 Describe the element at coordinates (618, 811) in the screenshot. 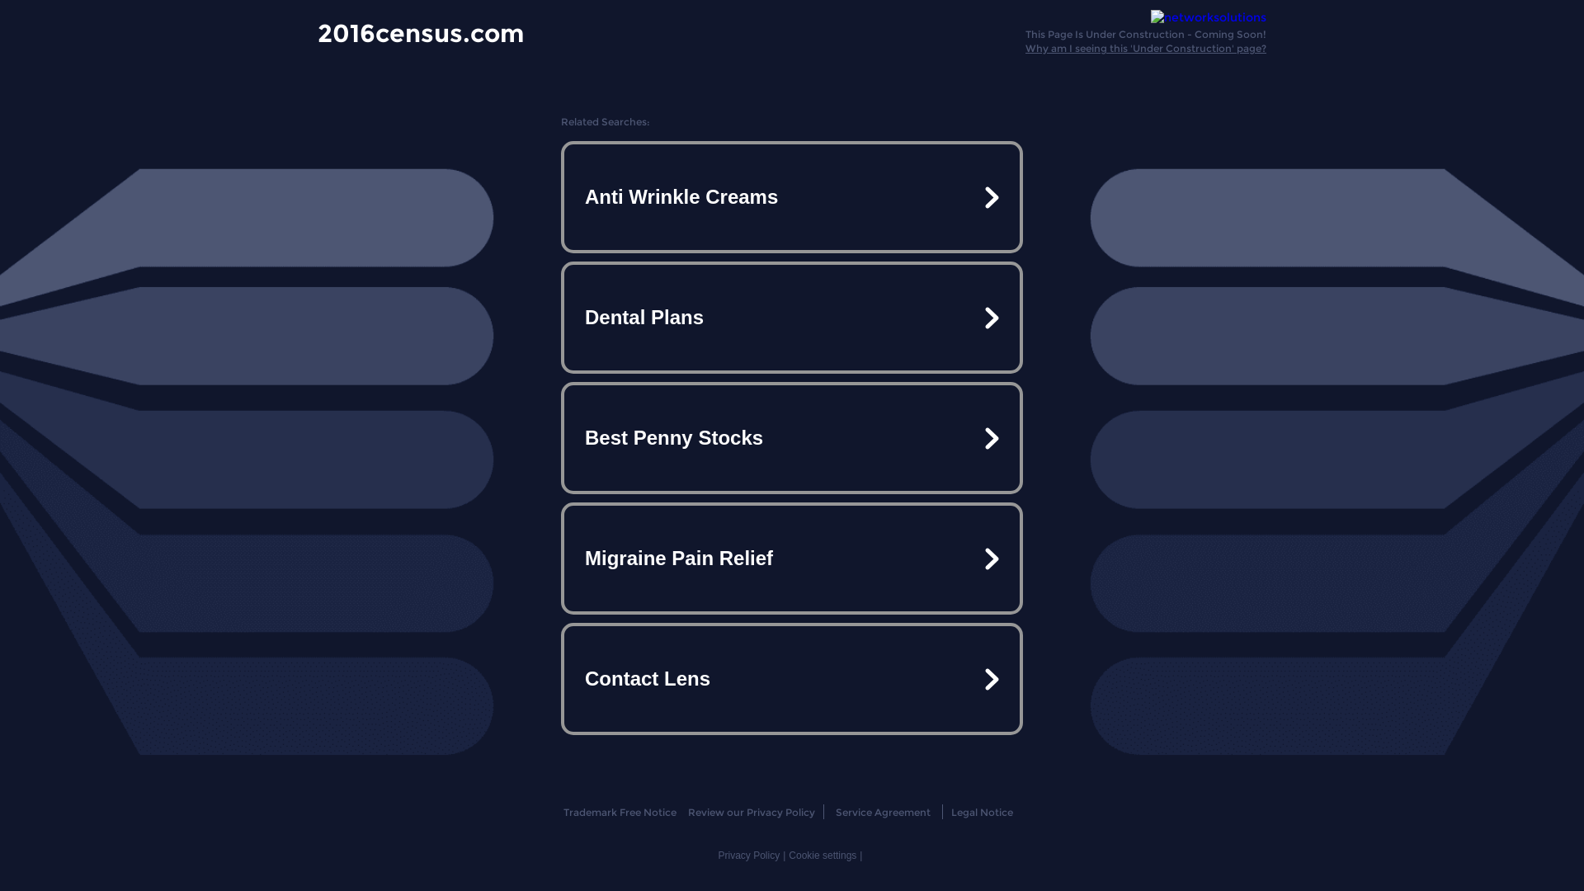

I see `'Trademark Free Notice'` at that location.